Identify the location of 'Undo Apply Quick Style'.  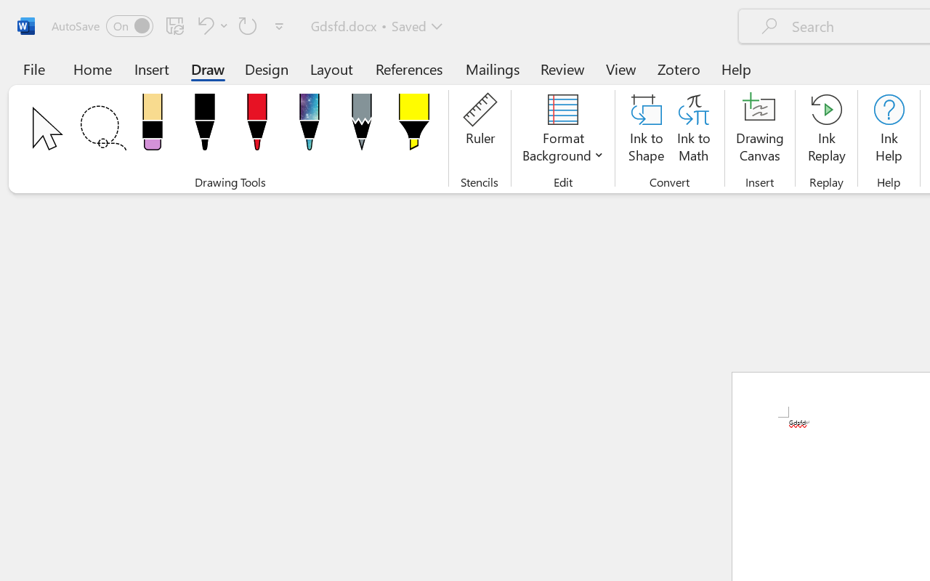
(203, 25).